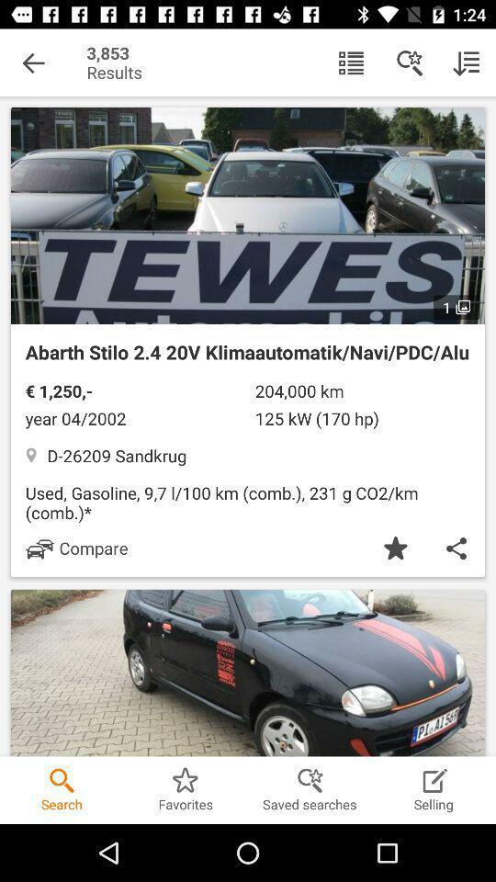  What do you see at coordinates (33, 62) in the screenshot?
I see `the item to the left of the 3,853` at bounding box center [33, 62].